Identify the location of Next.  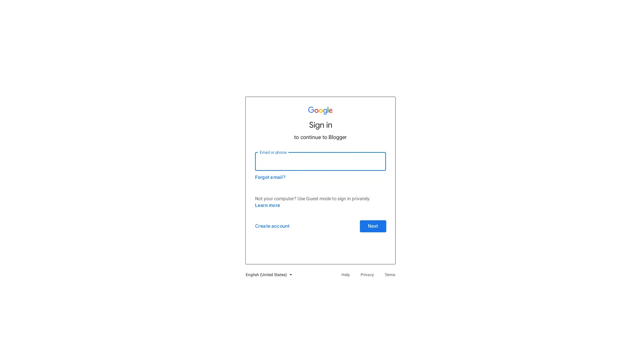
(368, 232).